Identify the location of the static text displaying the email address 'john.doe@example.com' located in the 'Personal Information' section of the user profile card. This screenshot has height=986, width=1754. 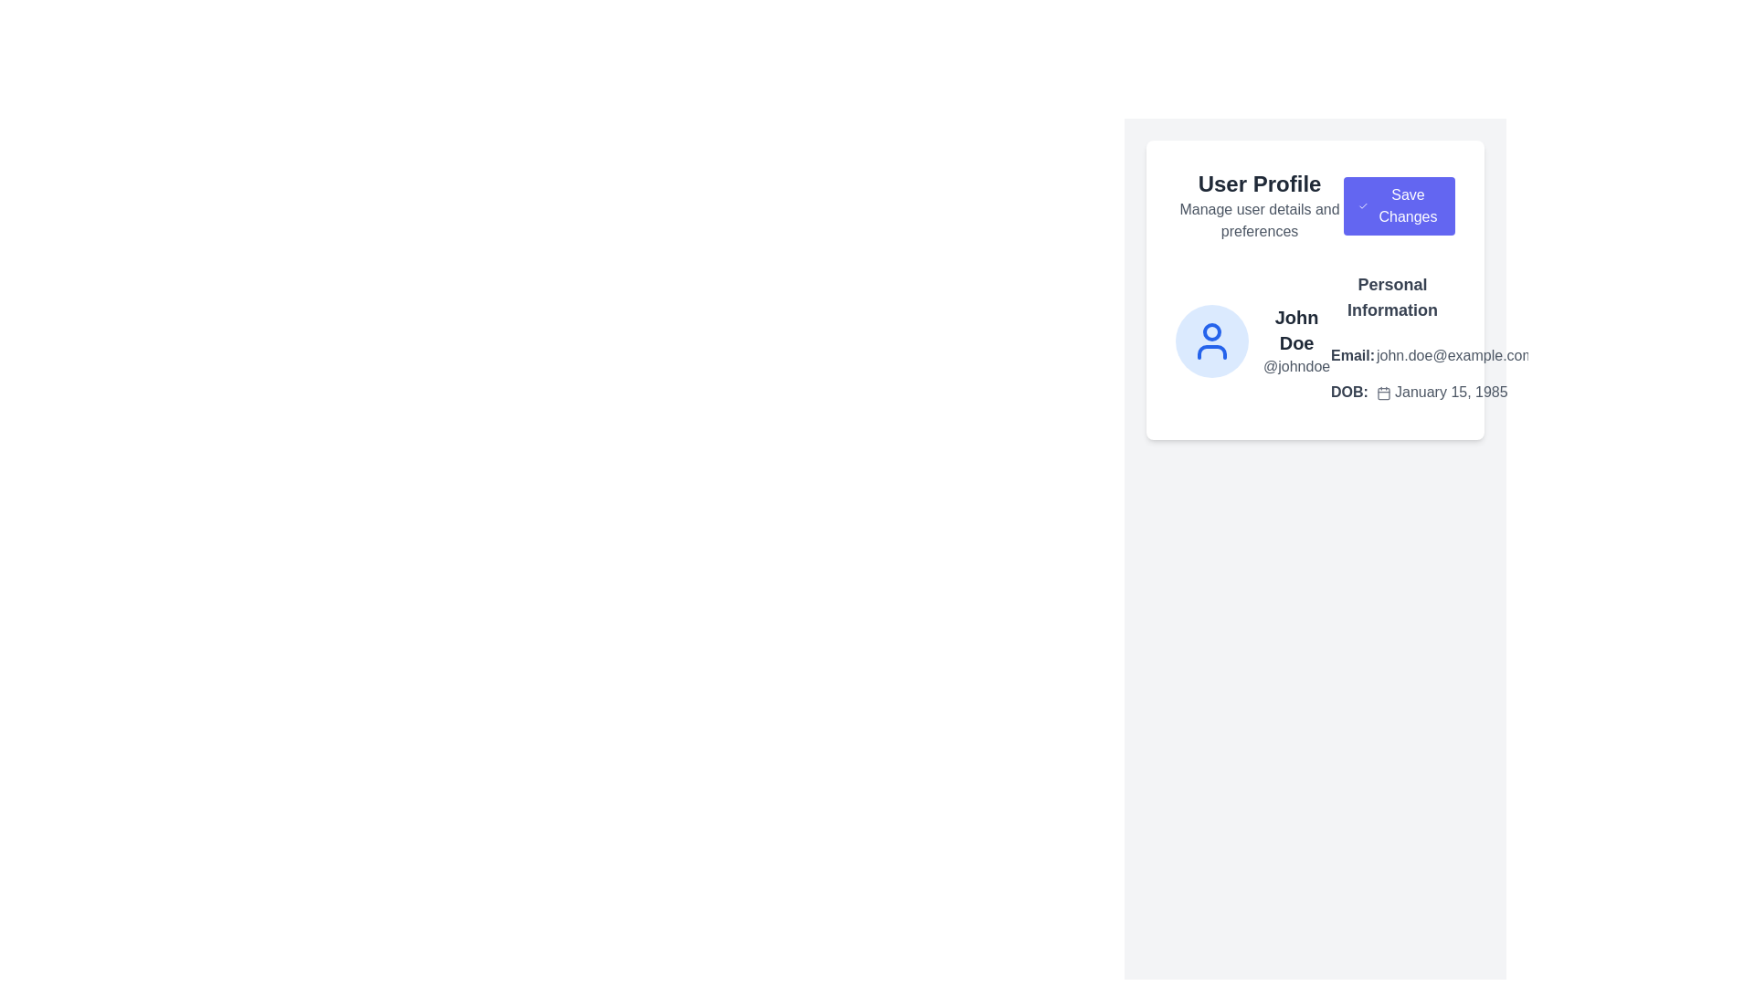
(1454, 355).